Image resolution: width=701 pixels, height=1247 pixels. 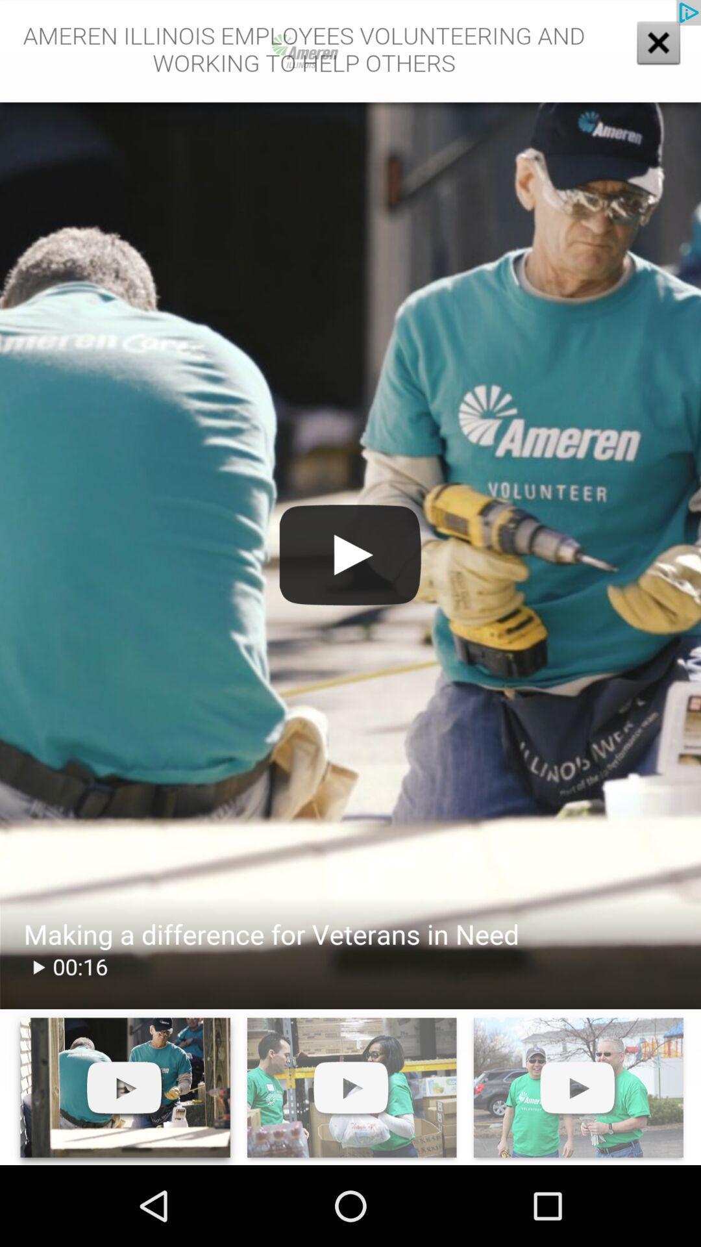 I want to click on the close icon, so click(x=658, y=45).